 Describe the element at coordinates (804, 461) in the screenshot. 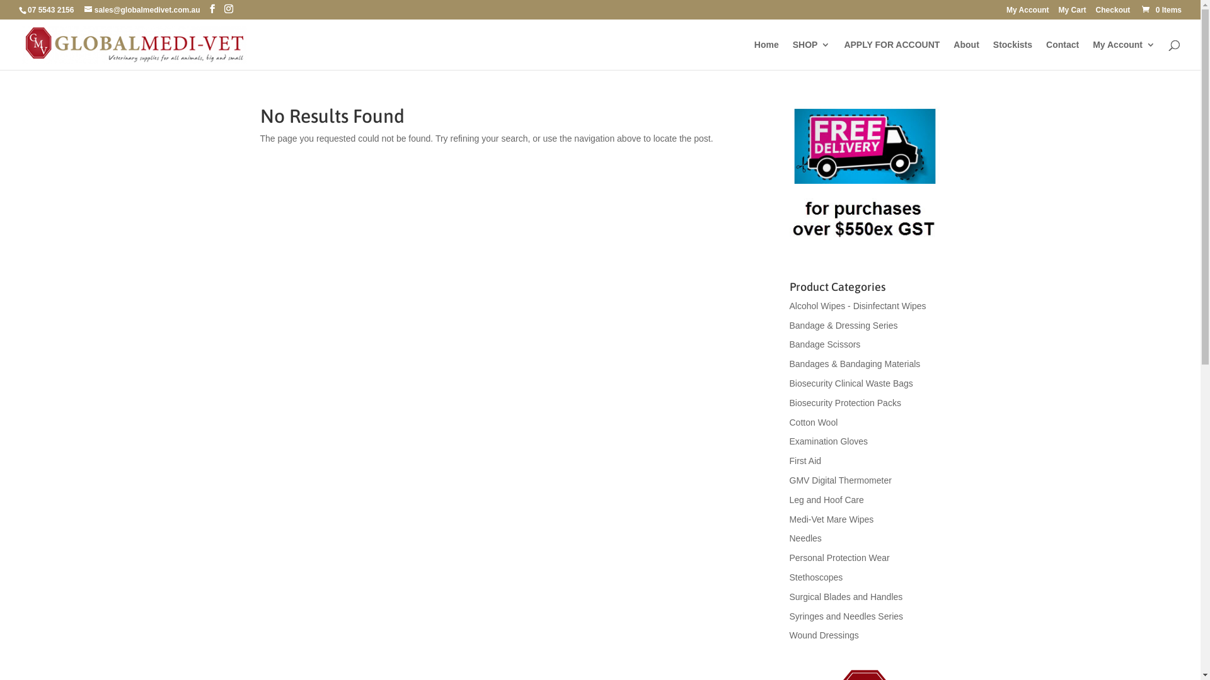

I see `'First Aid'` at that location.